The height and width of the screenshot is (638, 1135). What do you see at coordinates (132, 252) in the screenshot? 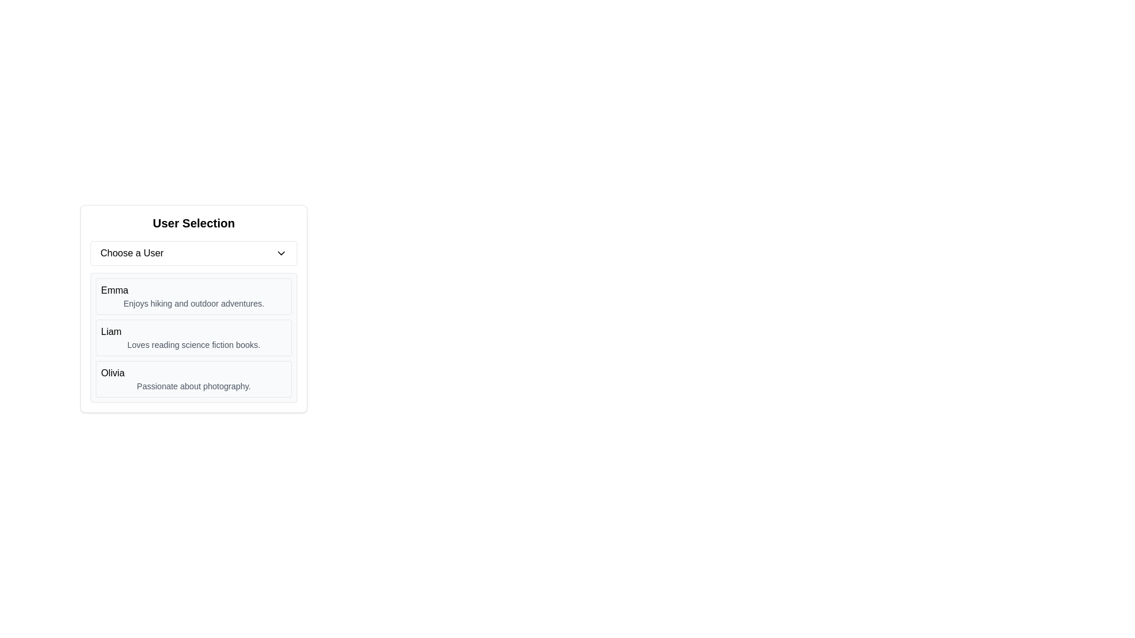
I see `the text label located at the upper-left section within the dropdown selection component, which indicates the dropdown's purpose and is horizontally aligned with the chevron icon on the far right` at bounding box center [132, 252].